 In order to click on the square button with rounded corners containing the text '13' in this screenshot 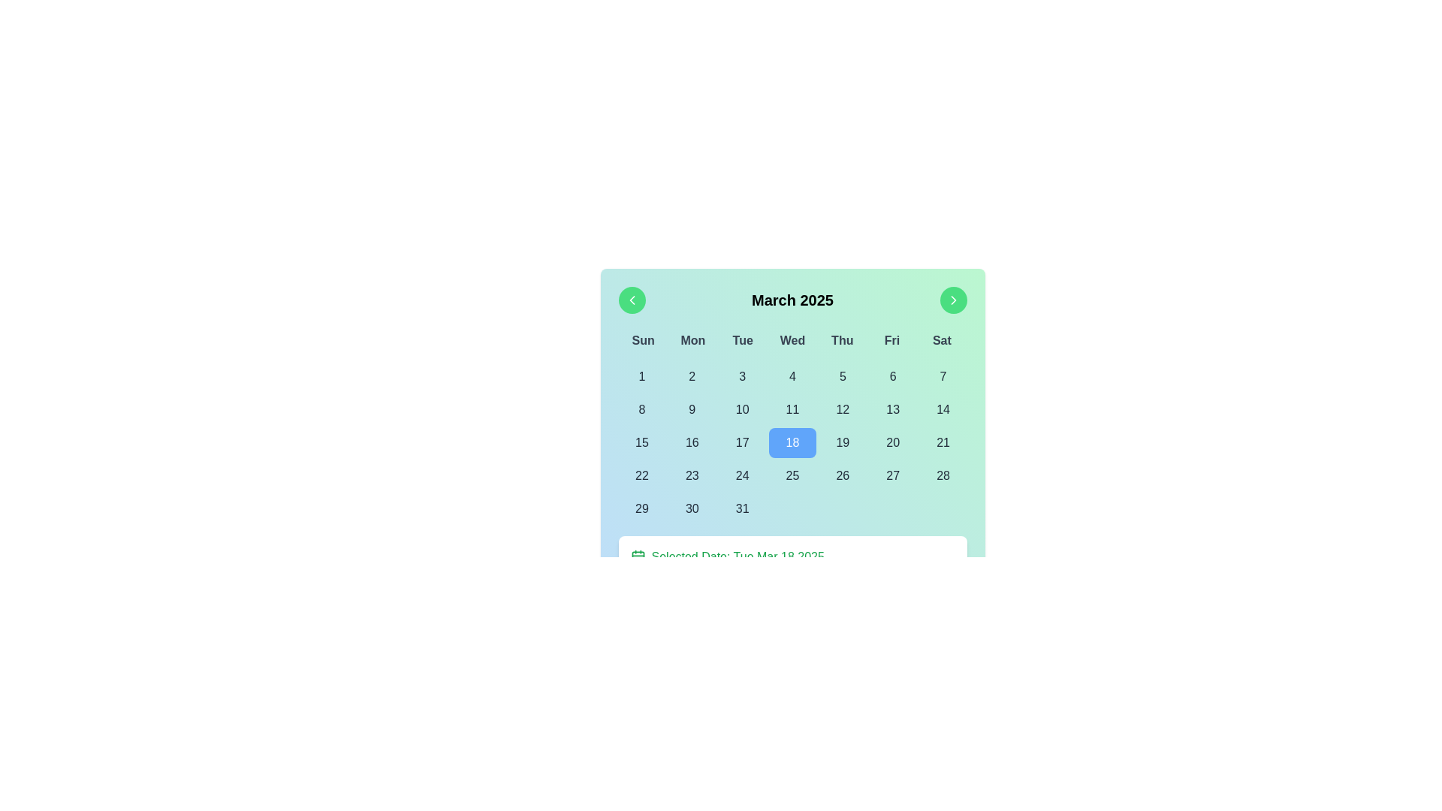, I will do `click(893, 410)`.